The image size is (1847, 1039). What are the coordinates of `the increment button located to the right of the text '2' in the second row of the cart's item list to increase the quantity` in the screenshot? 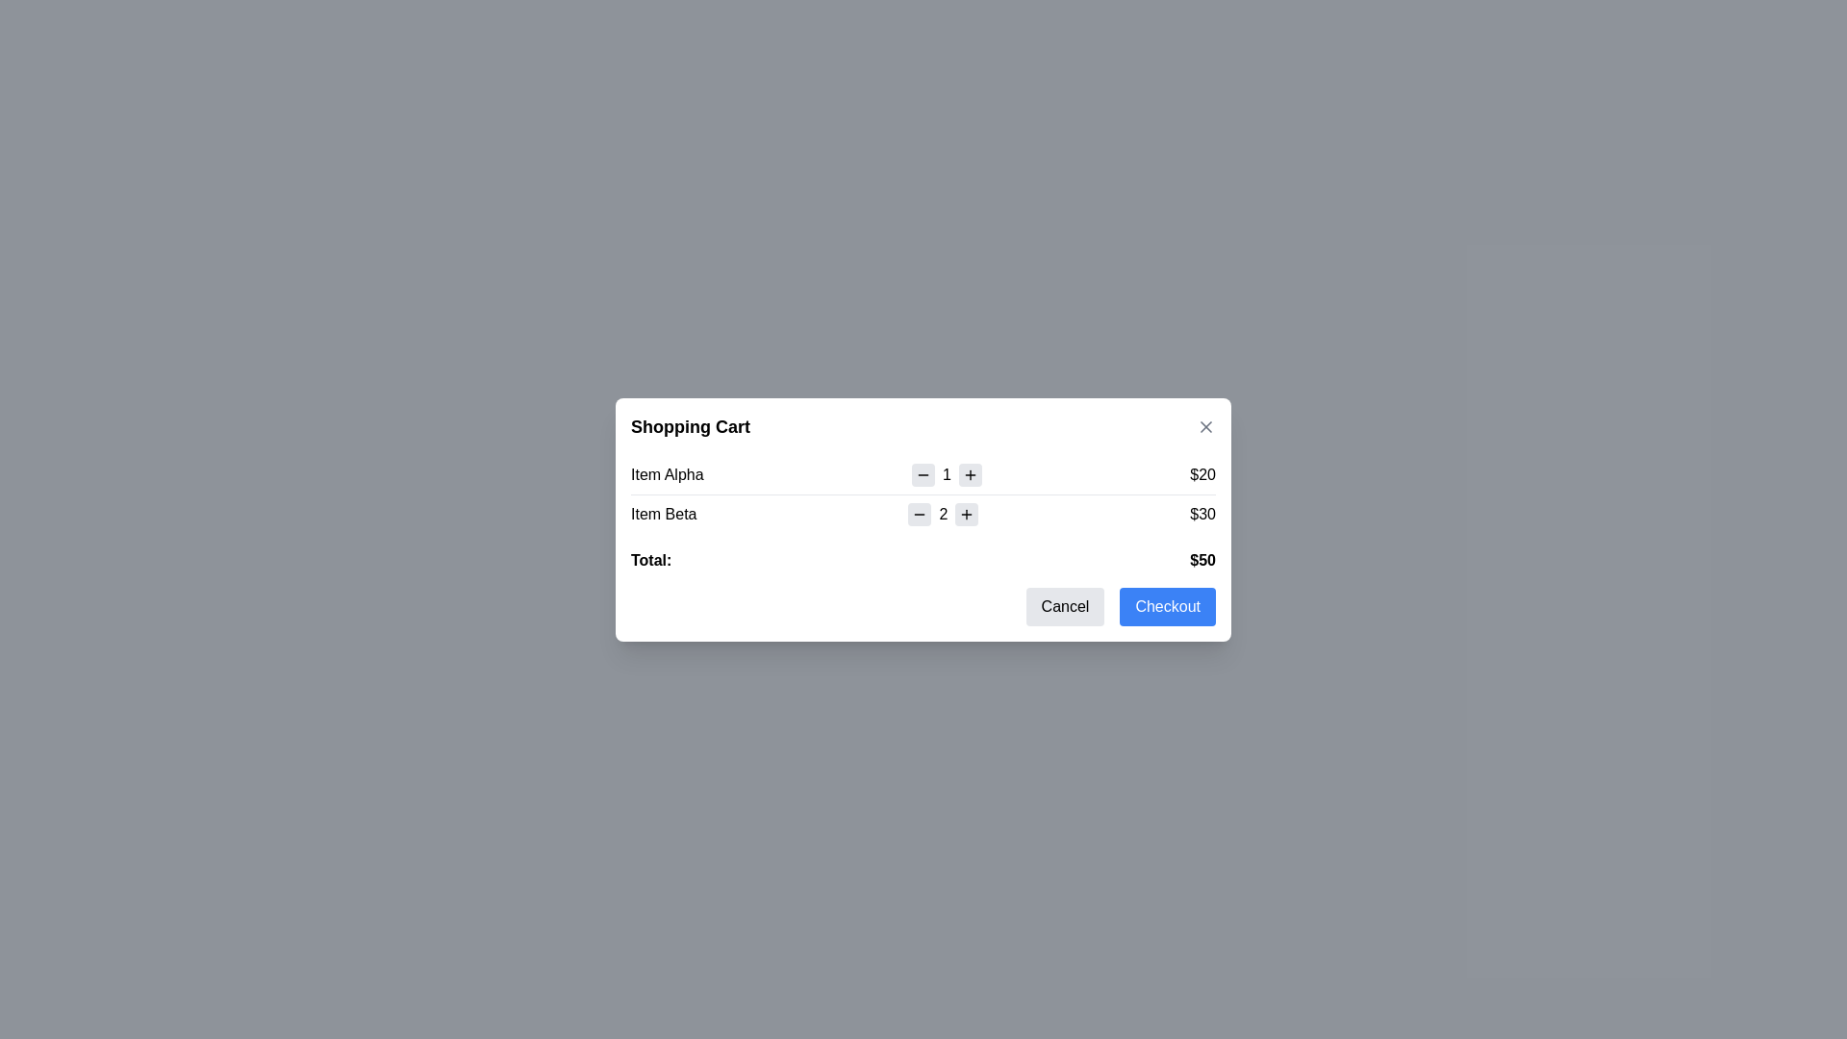 It's located at (967, 513).